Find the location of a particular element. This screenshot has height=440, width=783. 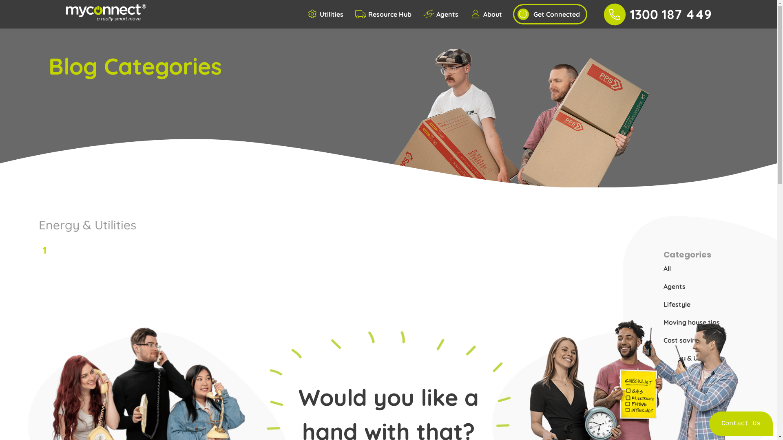

'1300 187 449' is located at coordinates (655, 14).